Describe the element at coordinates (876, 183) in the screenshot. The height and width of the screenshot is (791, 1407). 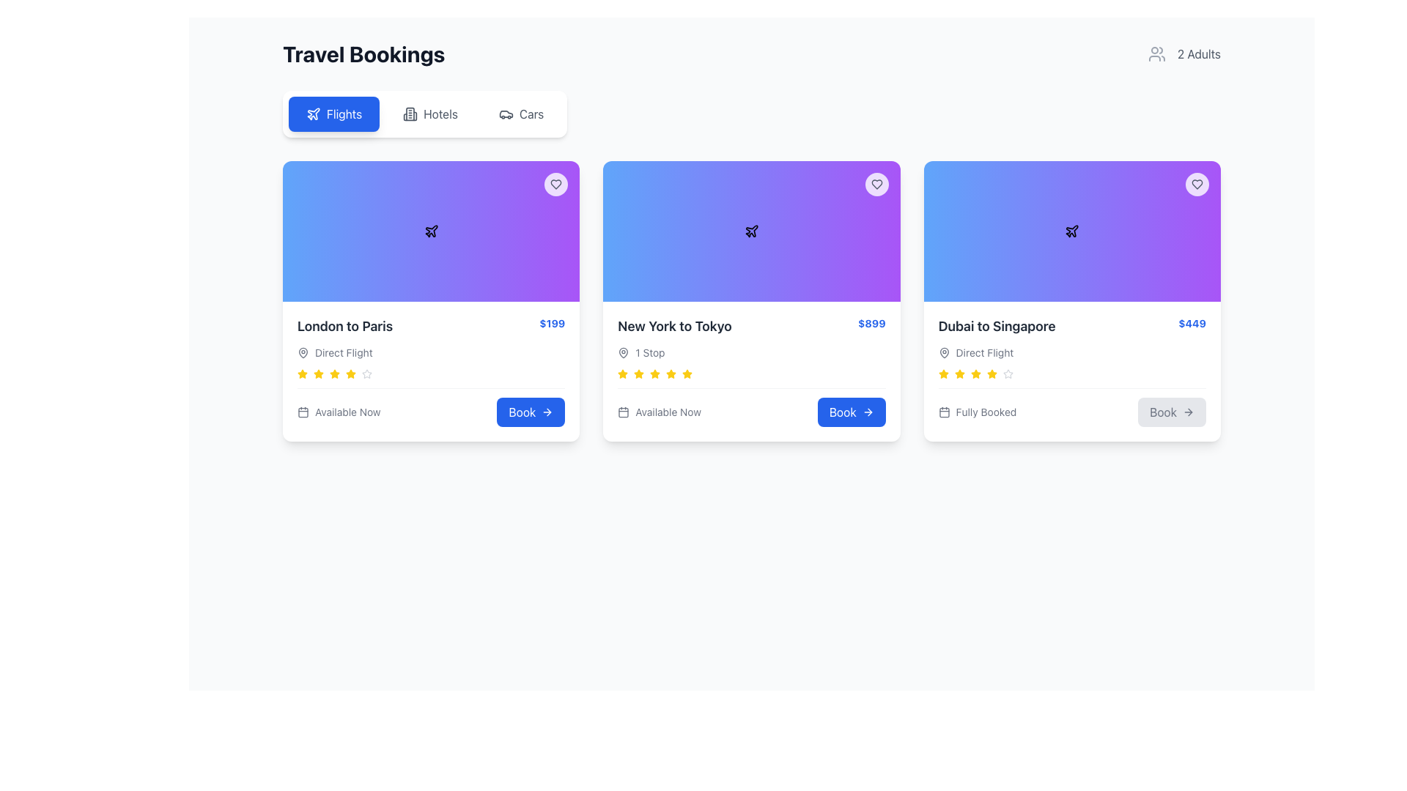
I see `the heart-shaped line style icon in the upper-right corner of the 'New York to Tokyo' card` at that location.